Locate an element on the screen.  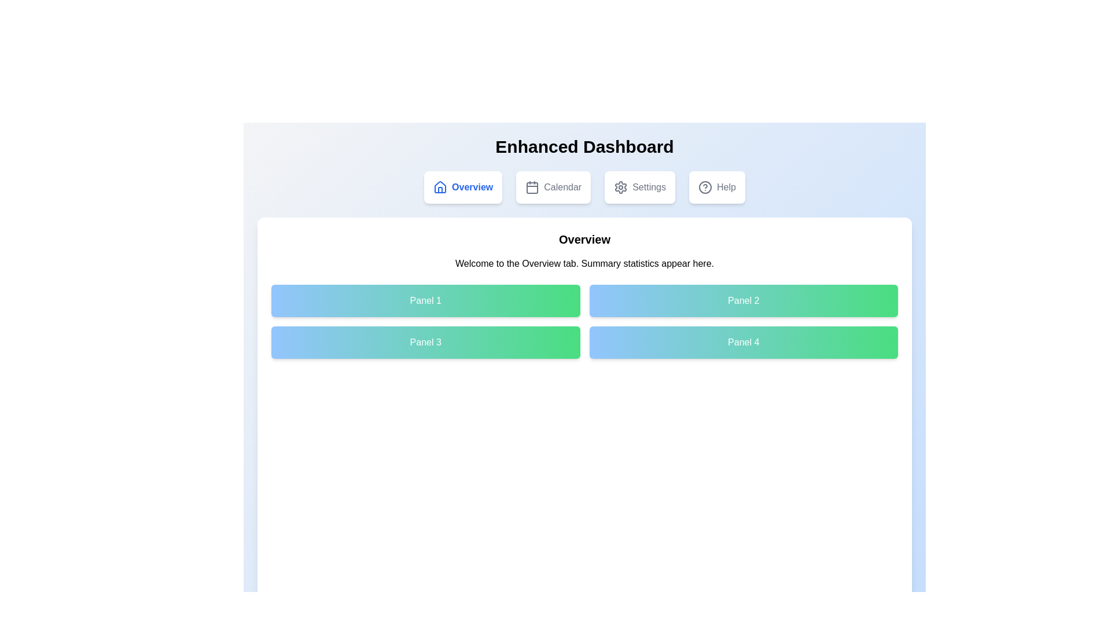
the tab labeled Help to navigate to the corresponding section is located at coordinates (716, 187).